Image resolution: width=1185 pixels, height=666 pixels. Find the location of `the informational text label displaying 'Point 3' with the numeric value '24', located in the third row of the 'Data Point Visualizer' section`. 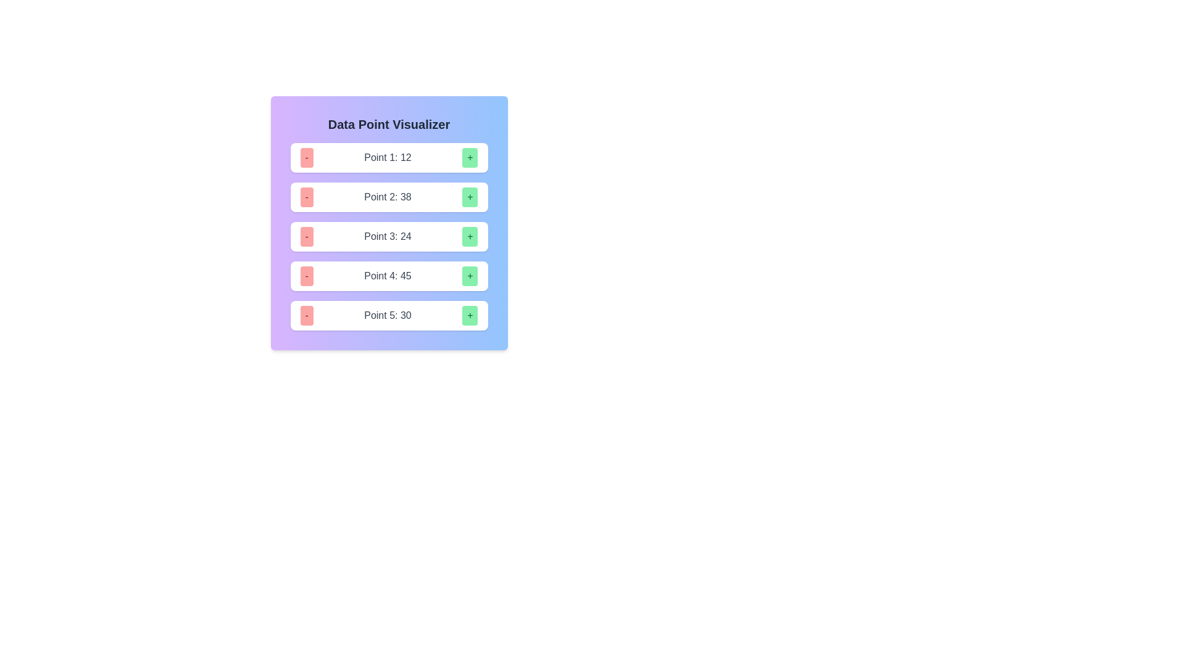

the informational text label displaying 'Point 3' with the numeric value '24', located in the third row of the 'Data Point Visualizer' section is located at coordinates (387, 237).